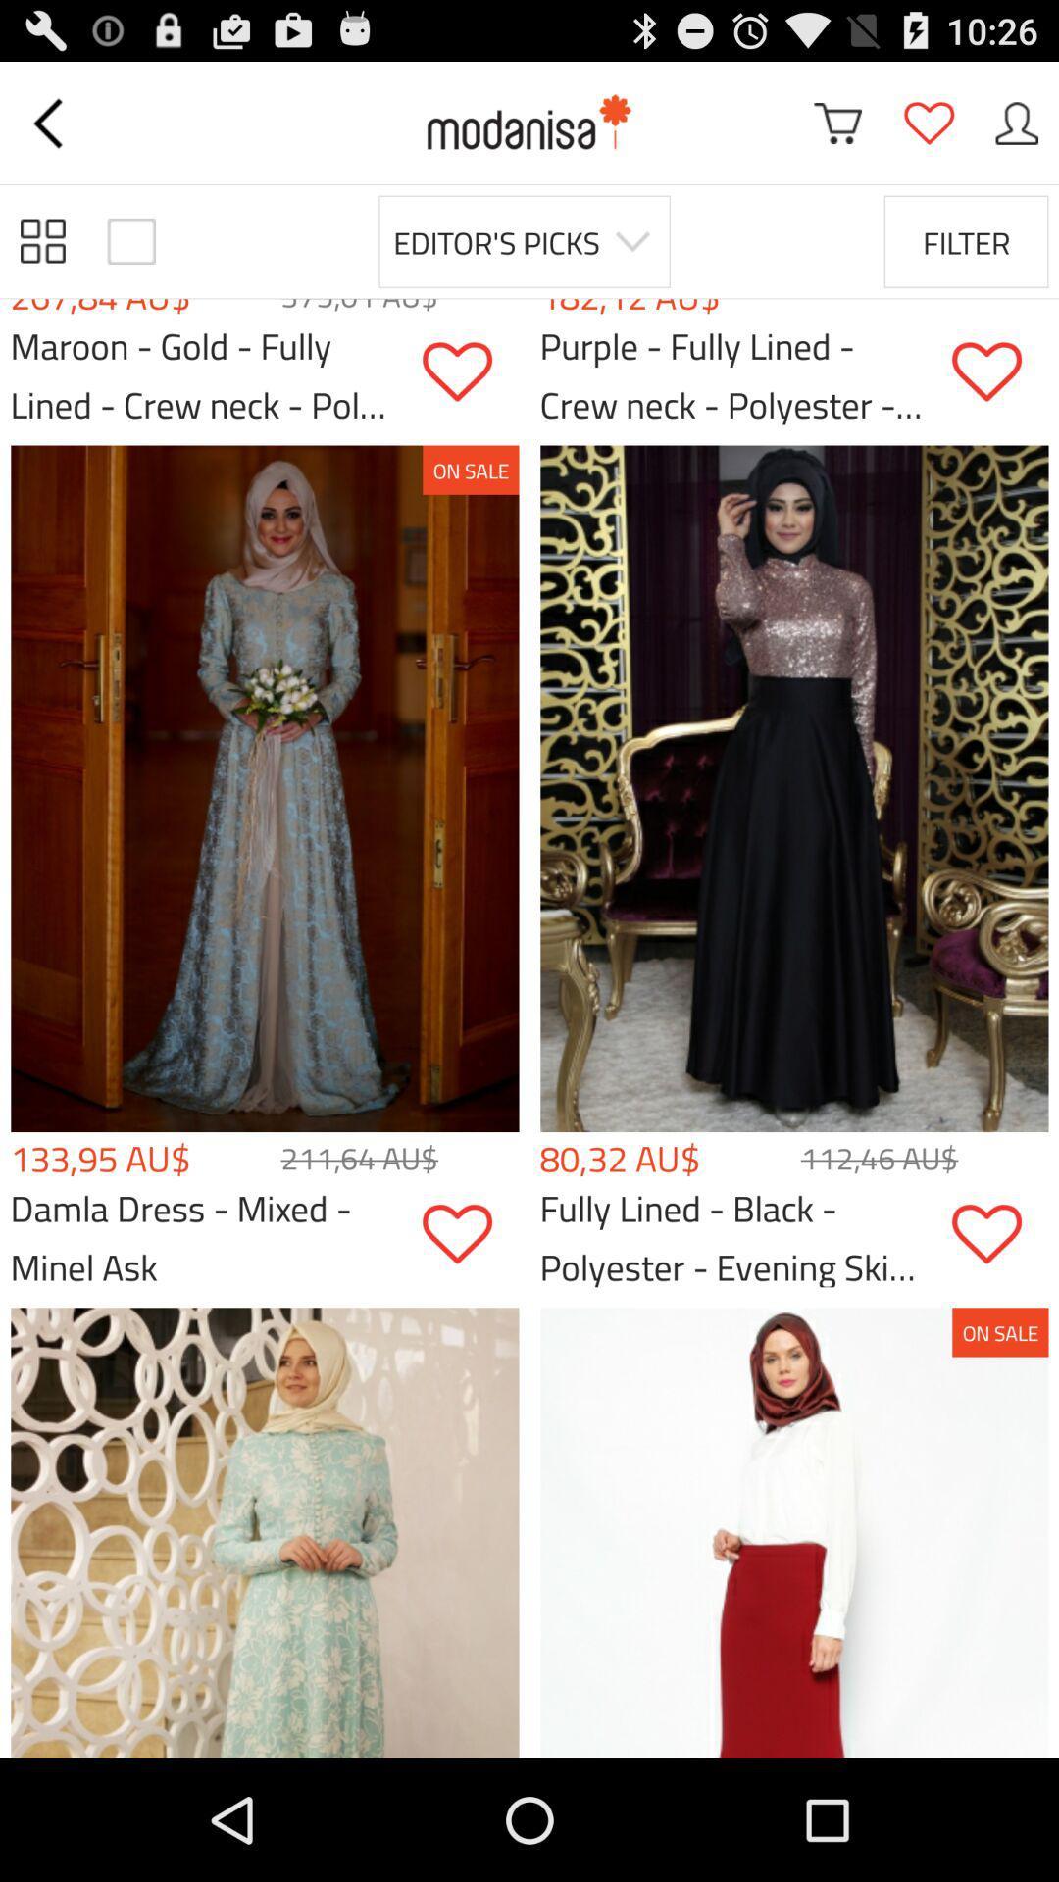 The width and height of the screenshot is (1059, 1882). I want to click on the favourate, so click(928, 122).